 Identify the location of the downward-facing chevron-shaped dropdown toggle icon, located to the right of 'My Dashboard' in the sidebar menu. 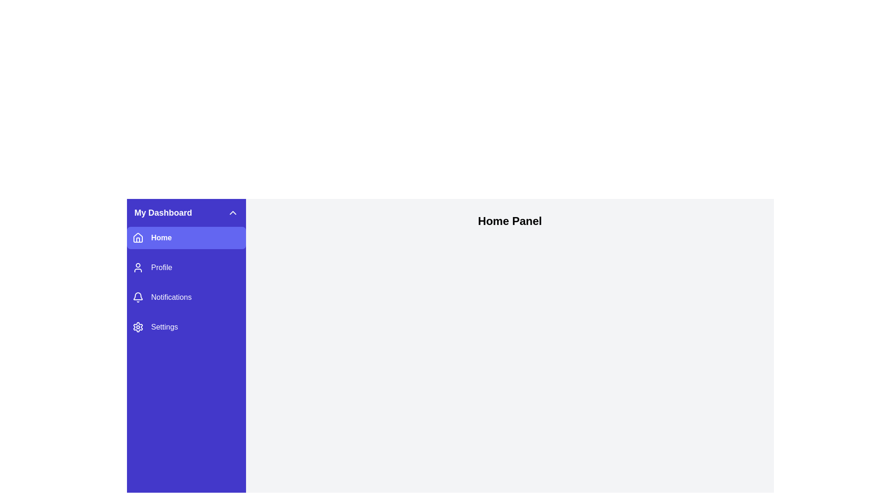
(233, 213).